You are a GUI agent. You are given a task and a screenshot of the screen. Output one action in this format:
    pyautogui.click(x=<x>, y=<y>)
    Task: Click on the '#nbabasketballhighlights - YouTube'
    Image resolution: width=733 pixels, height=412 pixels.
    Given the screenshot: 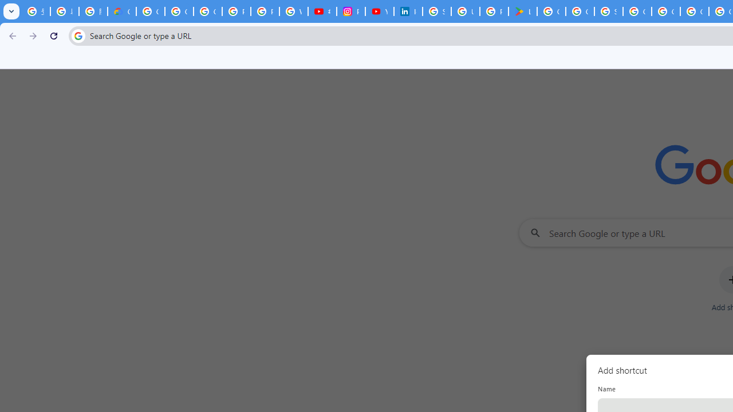 What is the action you would take?
    pyautogui.click(x=321, y=11)
    